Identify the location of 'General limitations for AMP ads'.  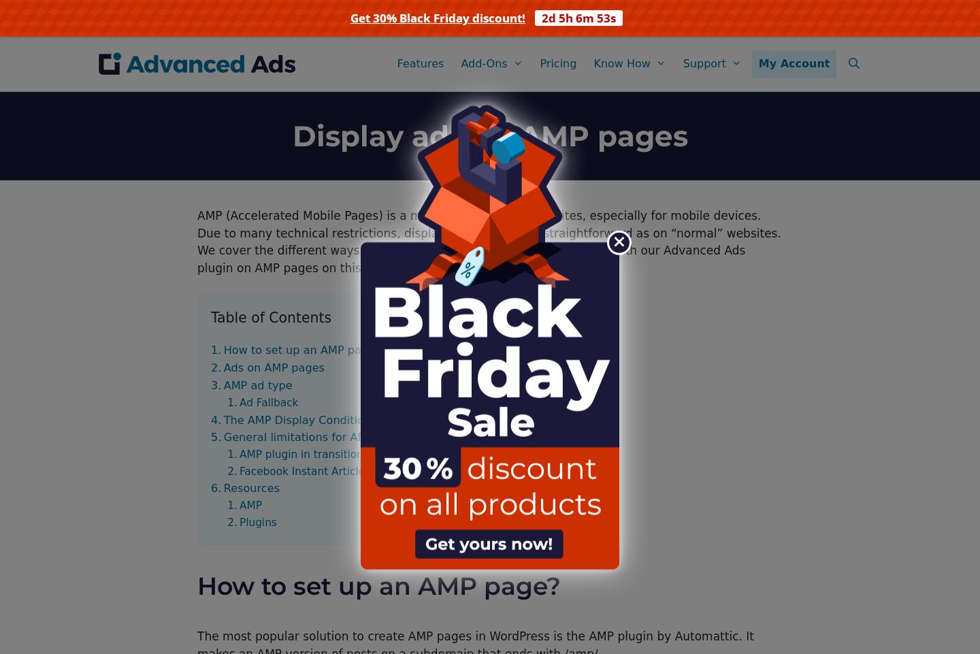
(223, 436).